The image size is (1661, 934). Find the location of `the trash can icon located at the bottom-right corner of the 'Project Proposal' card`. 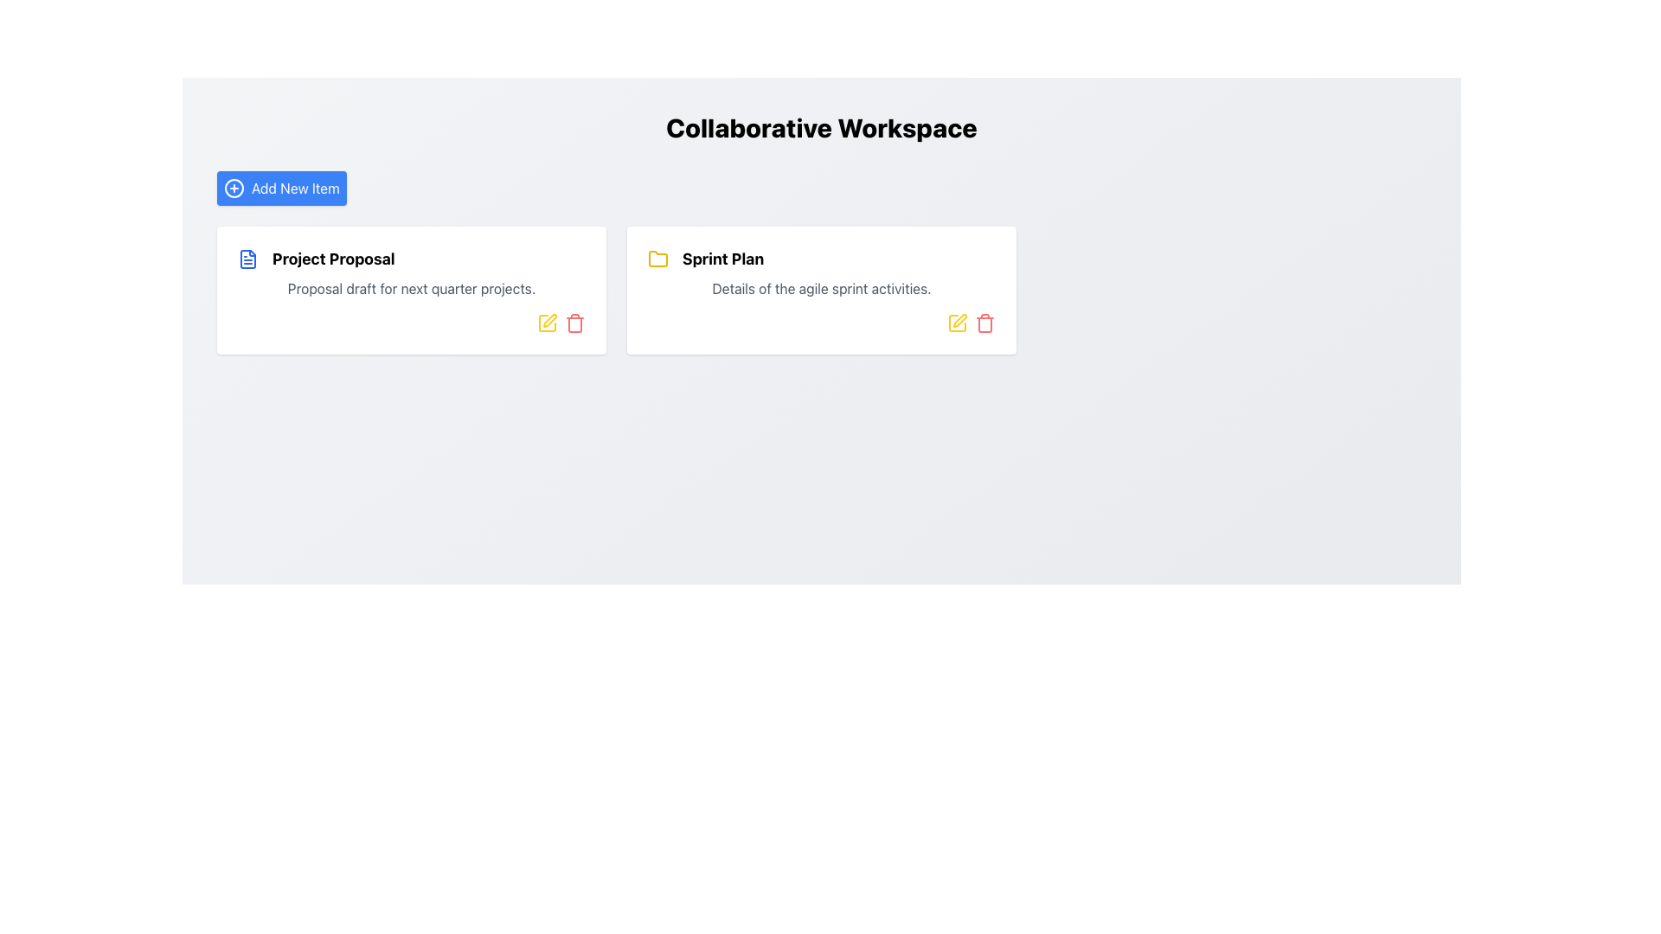

the trash can icon located at the bottom-right corner of the 'Project Proposal' card is located at coordinates (575, 324).